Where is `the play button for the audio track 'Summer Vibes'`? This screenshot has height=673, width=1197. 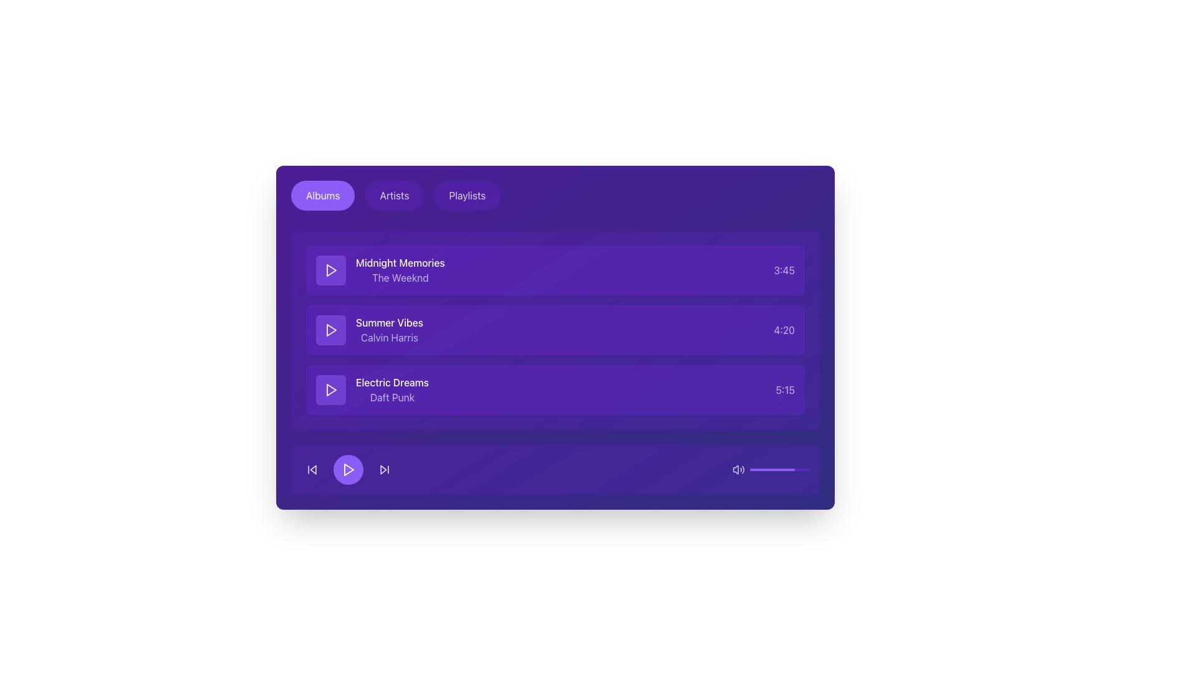 the play button for the audio track 'Summer Vibes' is located at coordinates (332, 329).